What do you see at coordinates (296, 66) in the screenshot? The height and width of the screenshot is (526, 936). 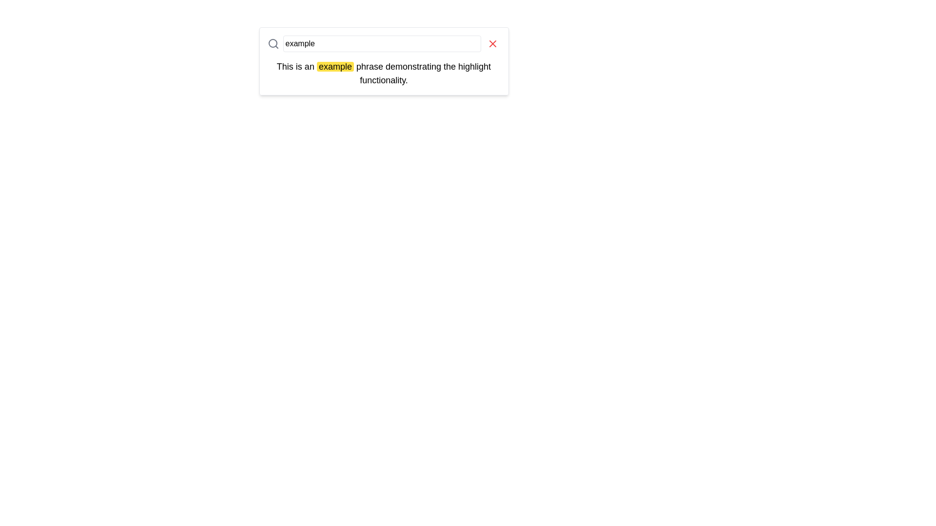 I see `the static text element displaying 'This is an', which is positioned at the start of a phrase before the highlighted word 'example'` at bounding box center [296, 66].